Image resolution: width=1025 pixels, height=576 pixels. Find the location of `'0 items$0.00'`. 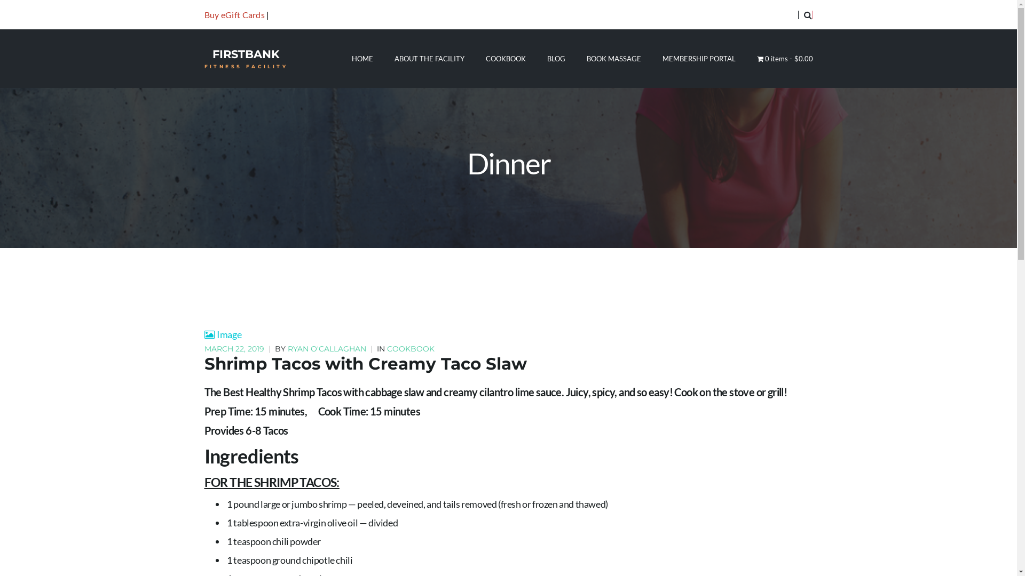

'0 items$0.00' is located at coordinates (756, 59).